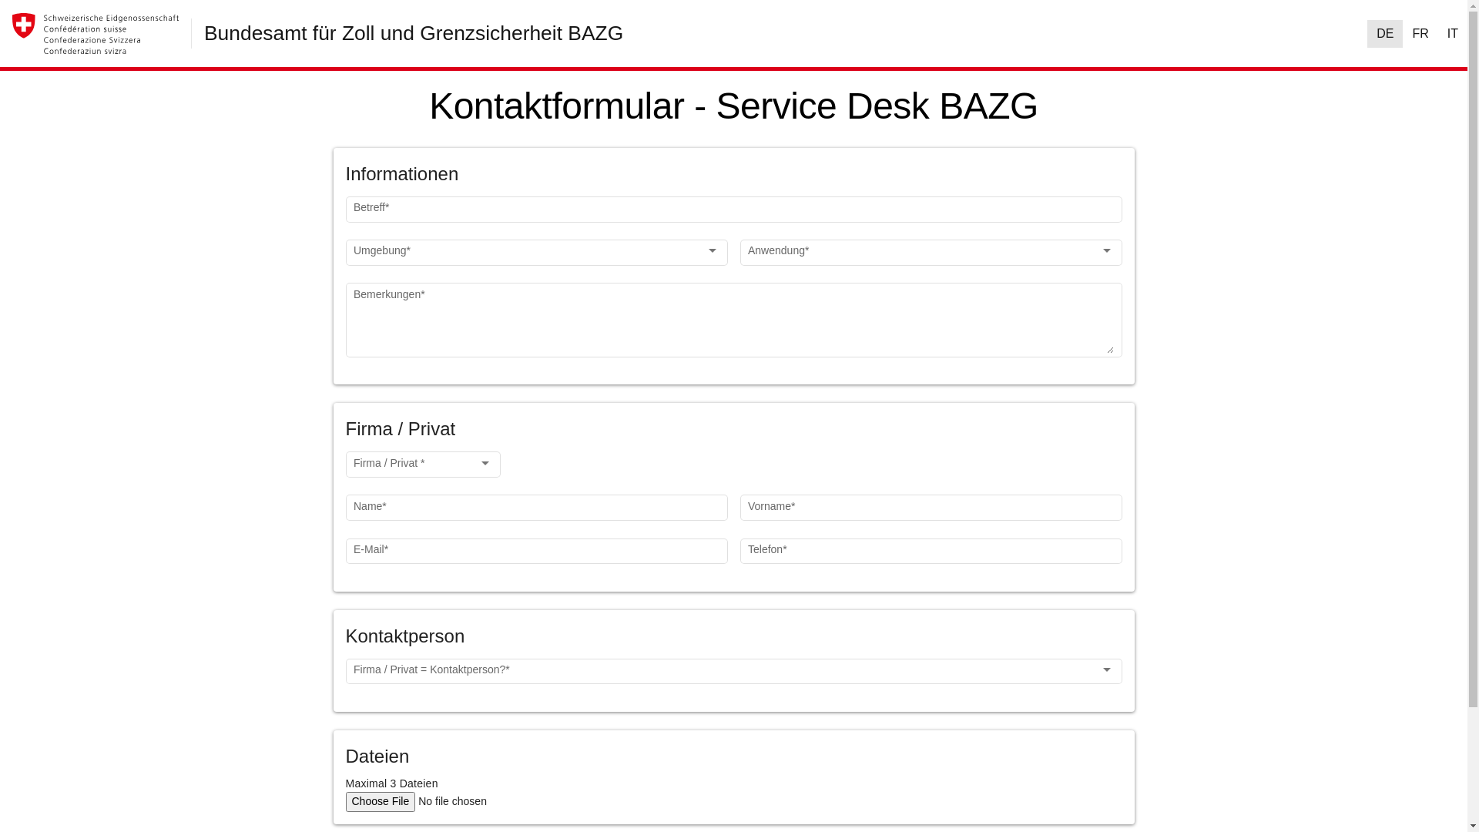  I want to click on 'DE', so click(1385, 33).